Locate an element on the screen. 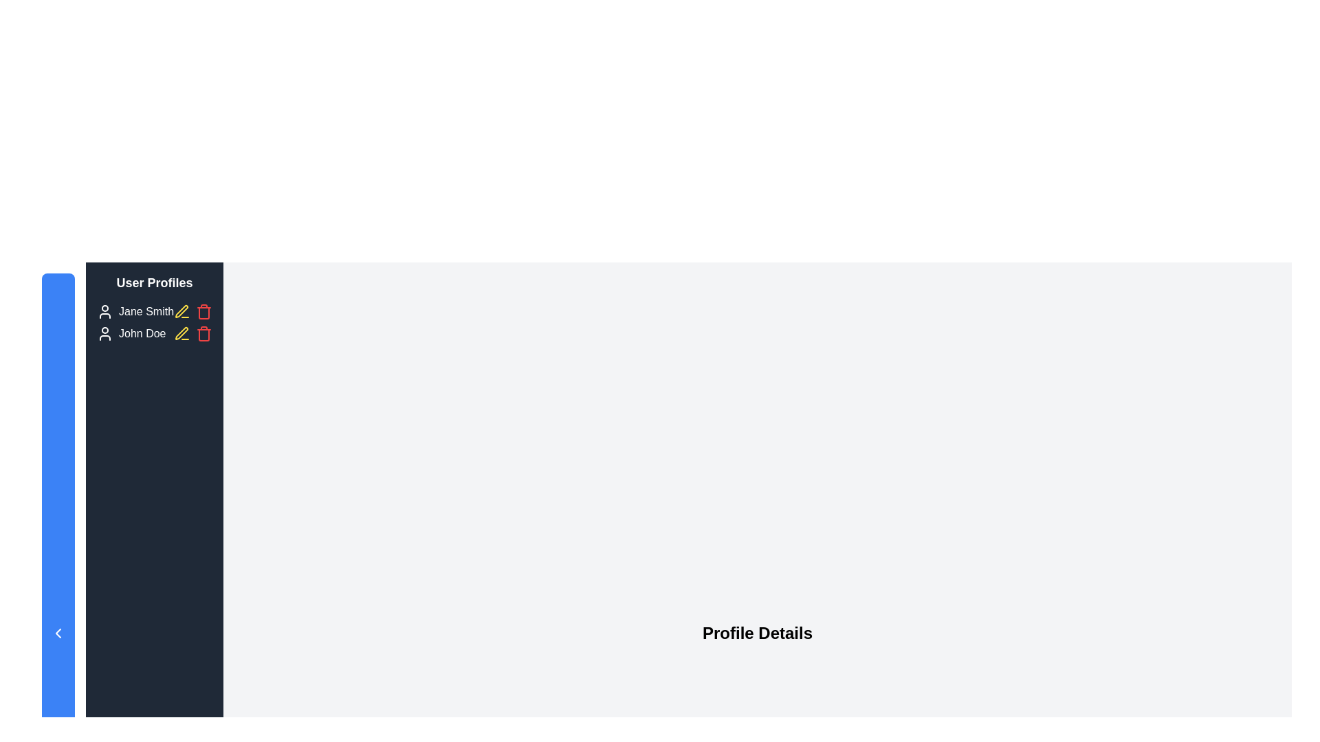 The image size is (1320, 742). the second yellow pen icon button to the immediate right of 'John Doe' in the user profiles list to initiate an edit action is located at coordinates (181, 333).